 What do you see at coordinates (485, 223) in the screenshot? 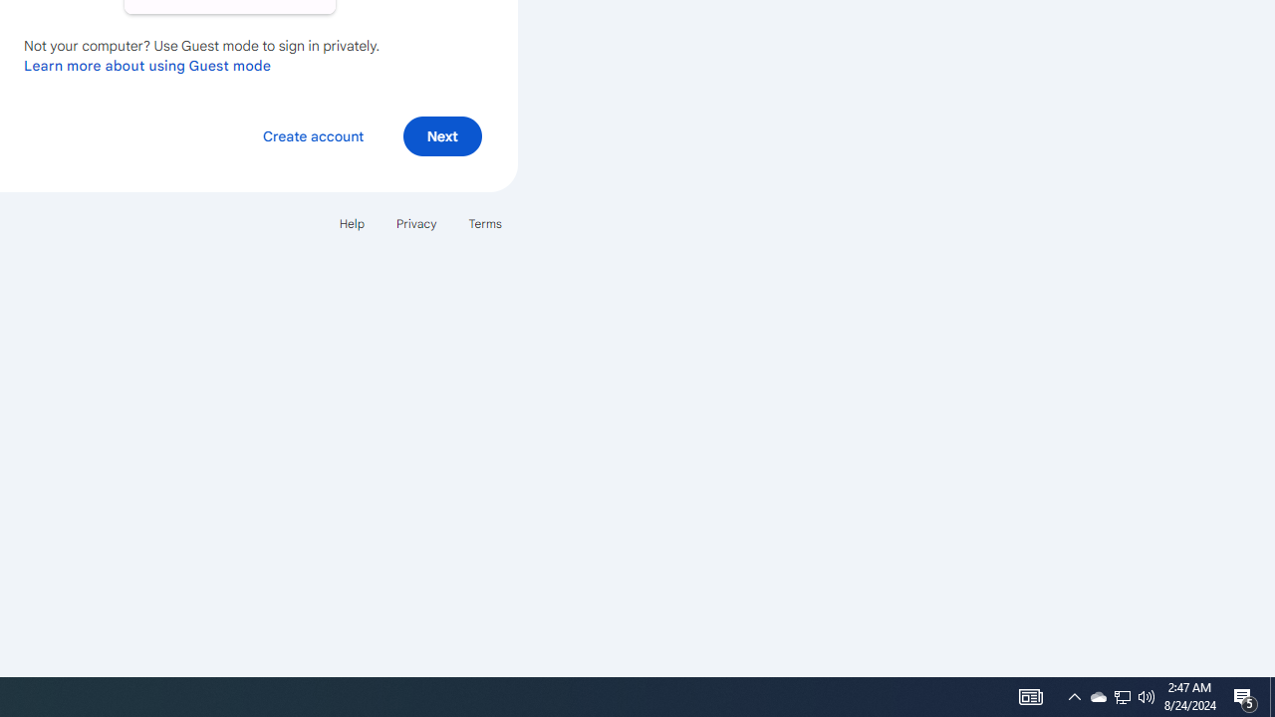
I see `'Terms'` at bounding box center [485, 223].